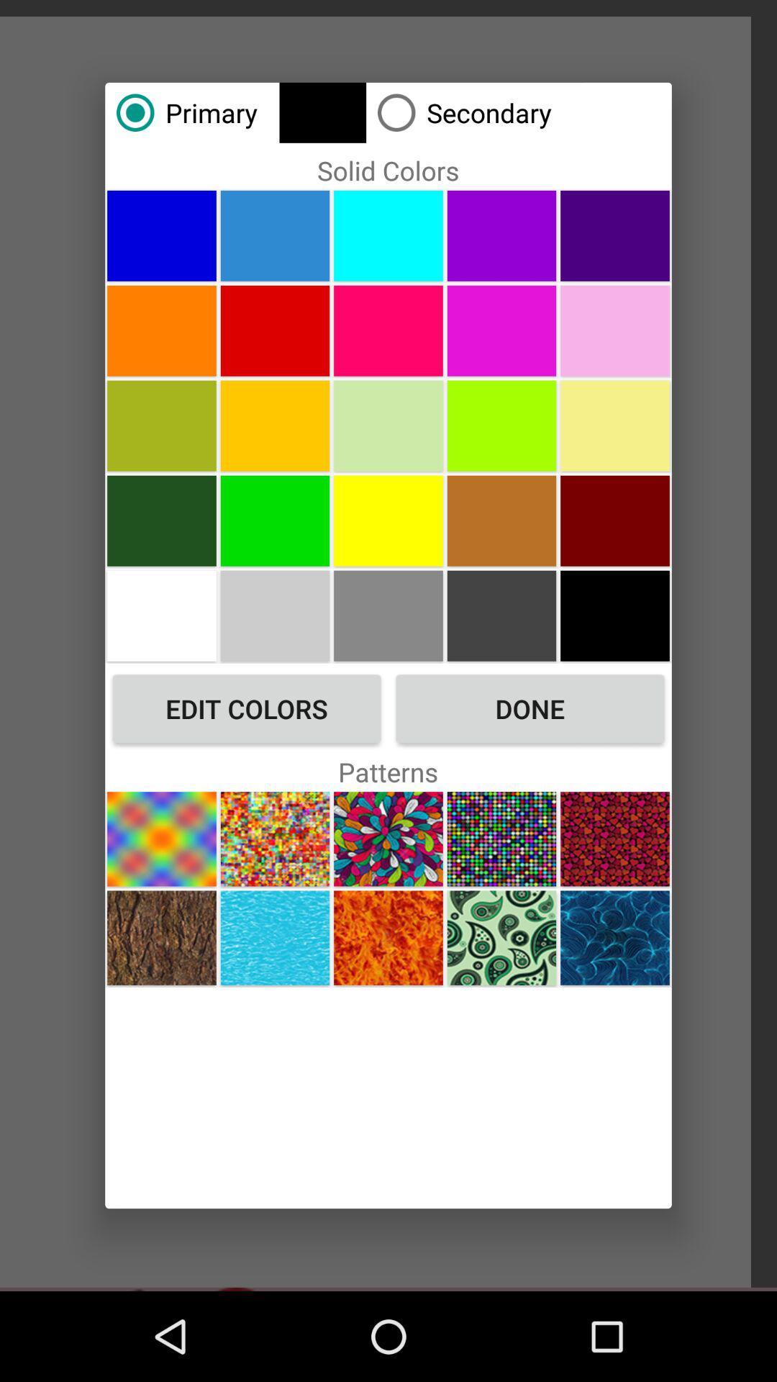  Describe the element at coordinates (275, 839) in the screenshot. I see `sprinkles pattern` at that location.